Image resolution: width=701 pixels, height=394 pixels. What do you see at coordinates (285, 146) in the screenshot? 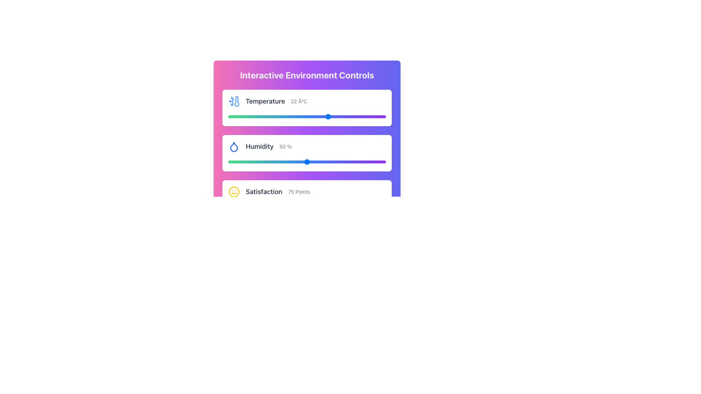
I see `the text element displaying '50 %' with gray text styling, located to the right of the label 'Humidity'` at bounding box center [285, 146].